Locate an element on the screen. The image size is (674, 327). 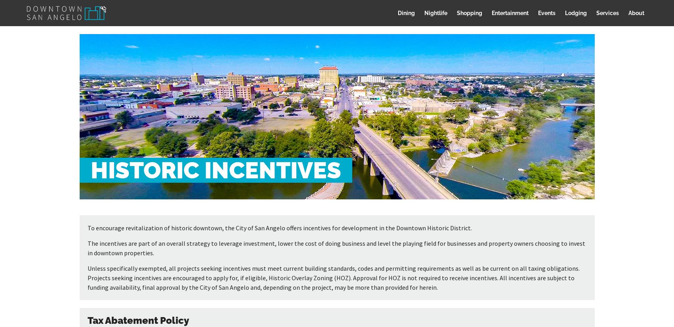
'Events' is located at coordinates (546, 12).